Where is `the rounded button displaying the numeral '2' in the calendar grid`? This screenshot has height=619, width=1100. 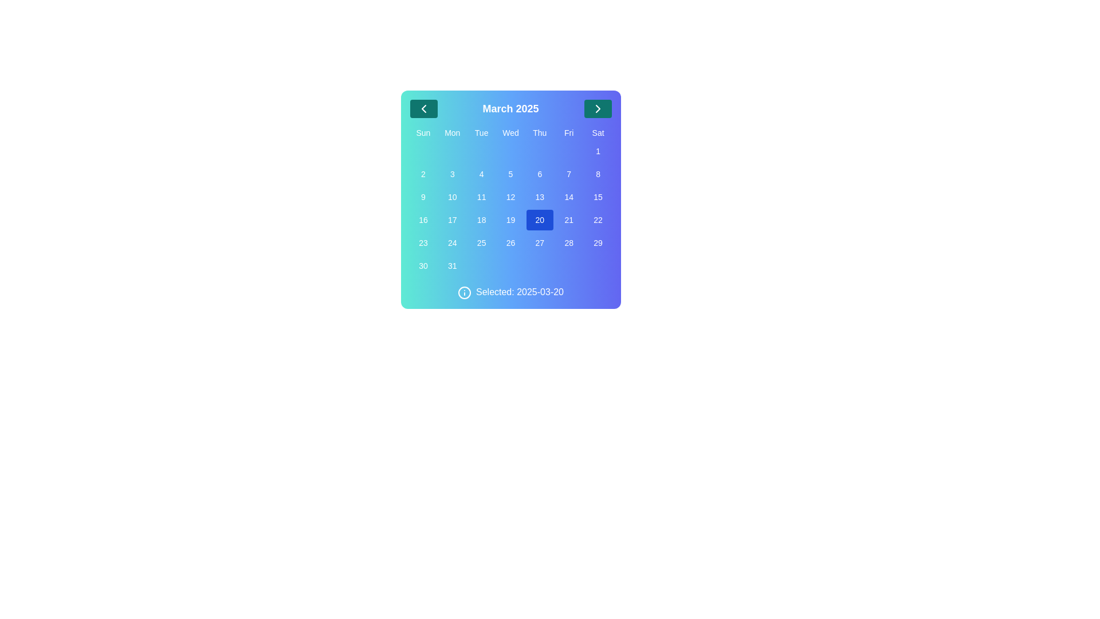
the rounded button displaying the numeral '2' in the calendar grid is located at coordinates (423, 174).